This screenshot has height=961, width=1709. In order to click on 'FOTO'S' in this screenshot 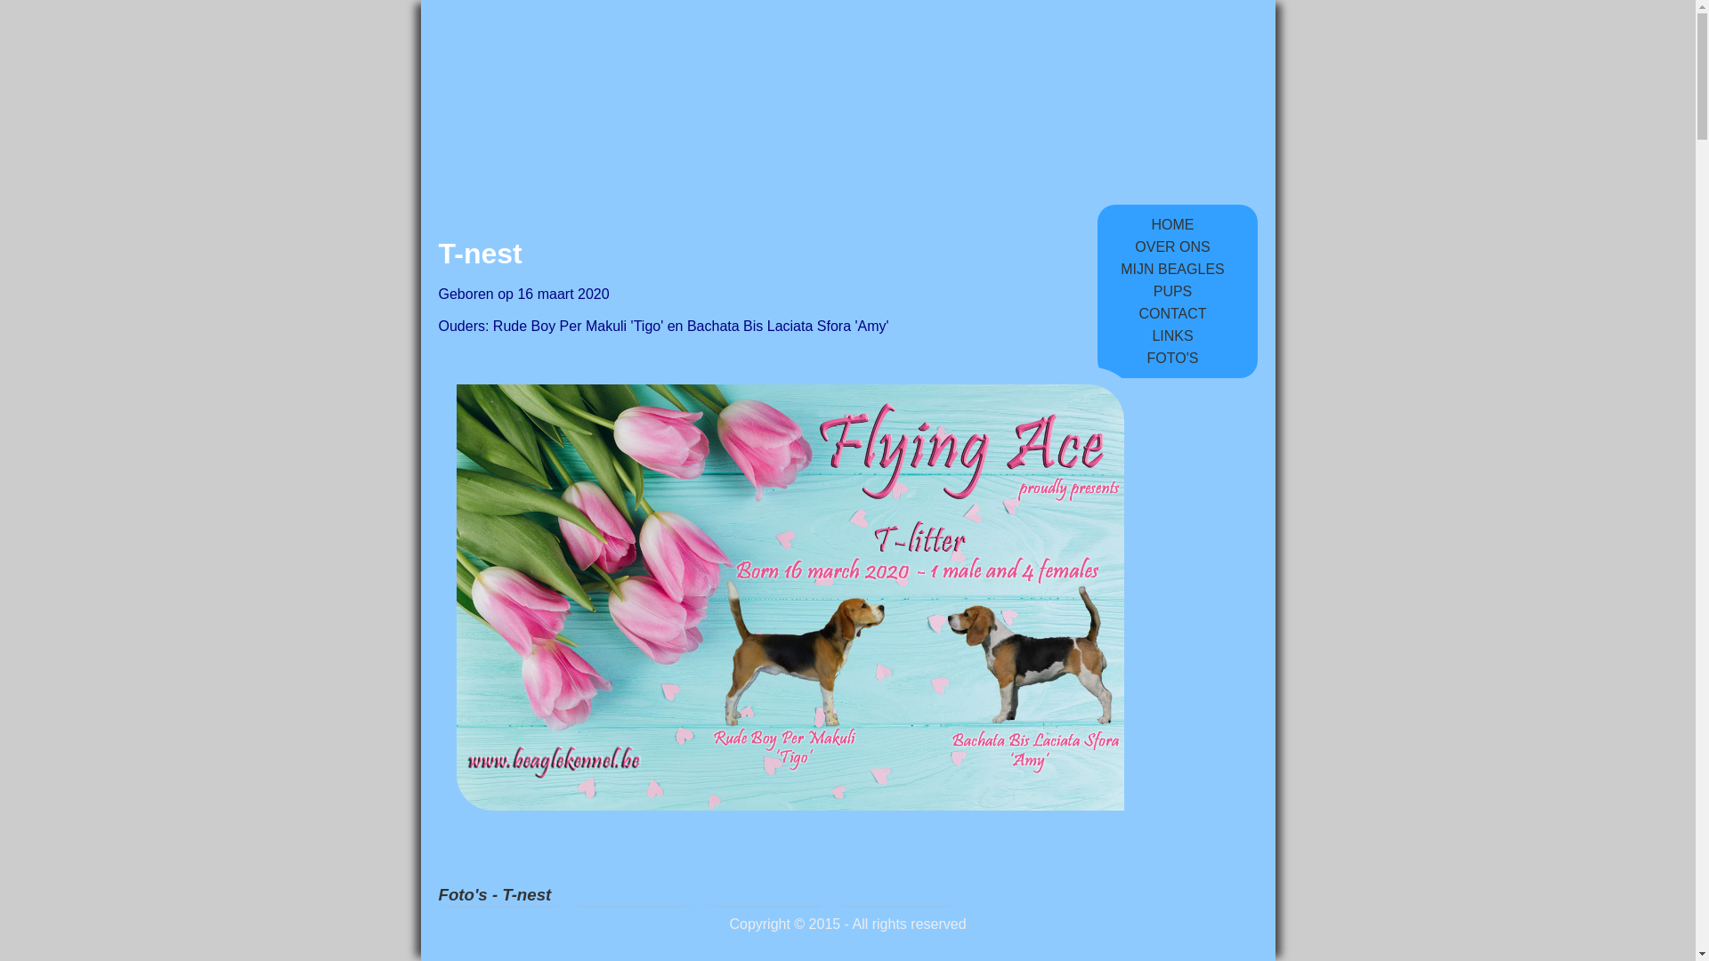, I will do `click(1105, 358)`.